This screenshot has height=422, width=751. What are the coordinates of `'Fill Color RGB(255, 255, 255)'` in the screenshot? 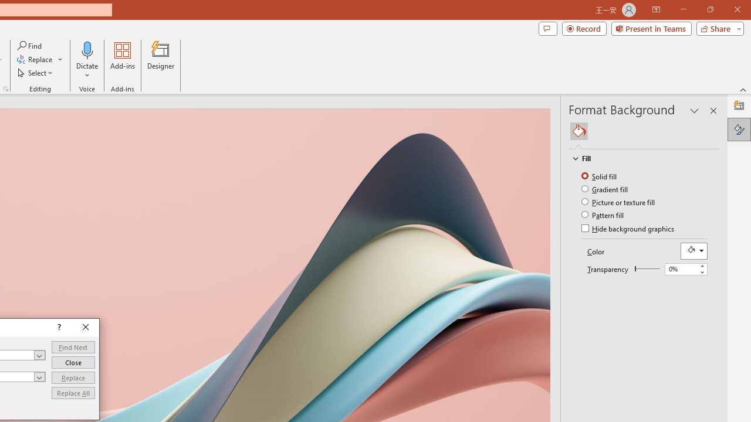 It's located at (694, 250).